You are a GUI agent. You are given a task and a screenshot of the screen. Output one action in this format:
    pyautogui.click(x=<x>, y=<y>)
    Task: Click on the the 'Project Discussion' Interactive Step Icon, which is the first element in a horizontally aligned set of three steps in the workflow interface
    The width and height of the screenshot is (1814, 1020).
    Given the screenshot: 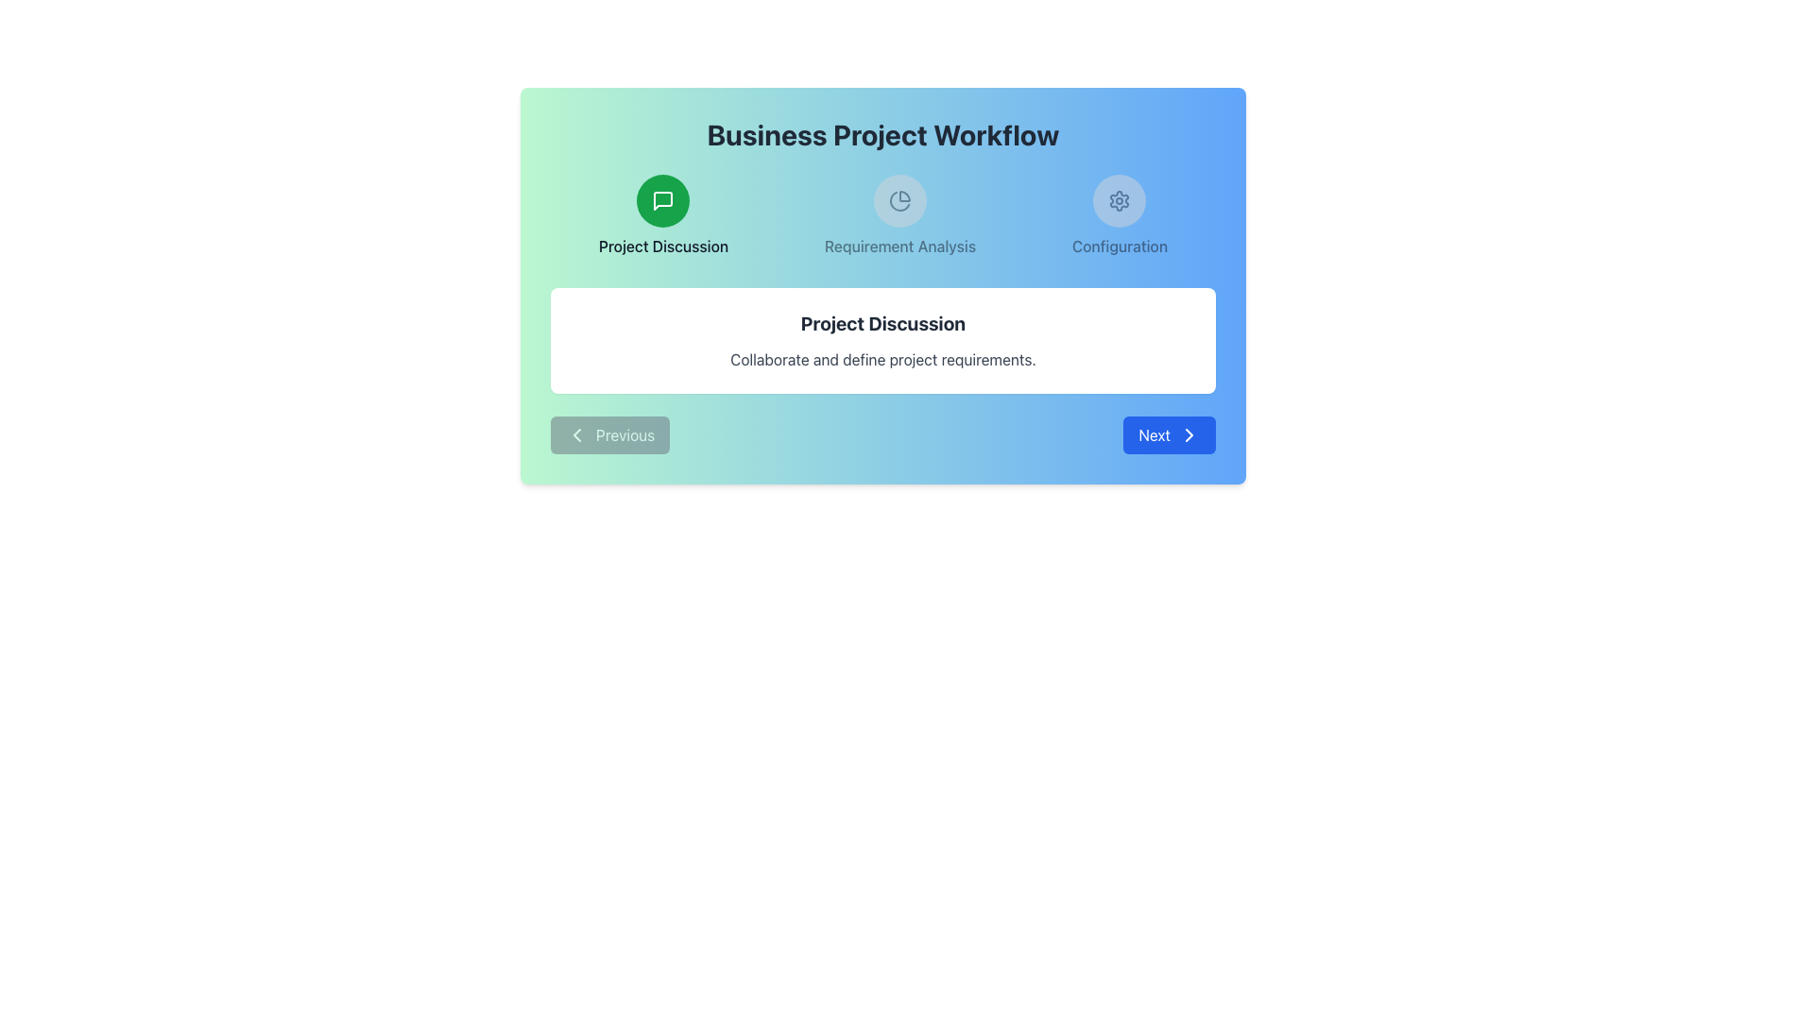 What is the action you would take?
    pyautogui.click(x=663, y=214)
    